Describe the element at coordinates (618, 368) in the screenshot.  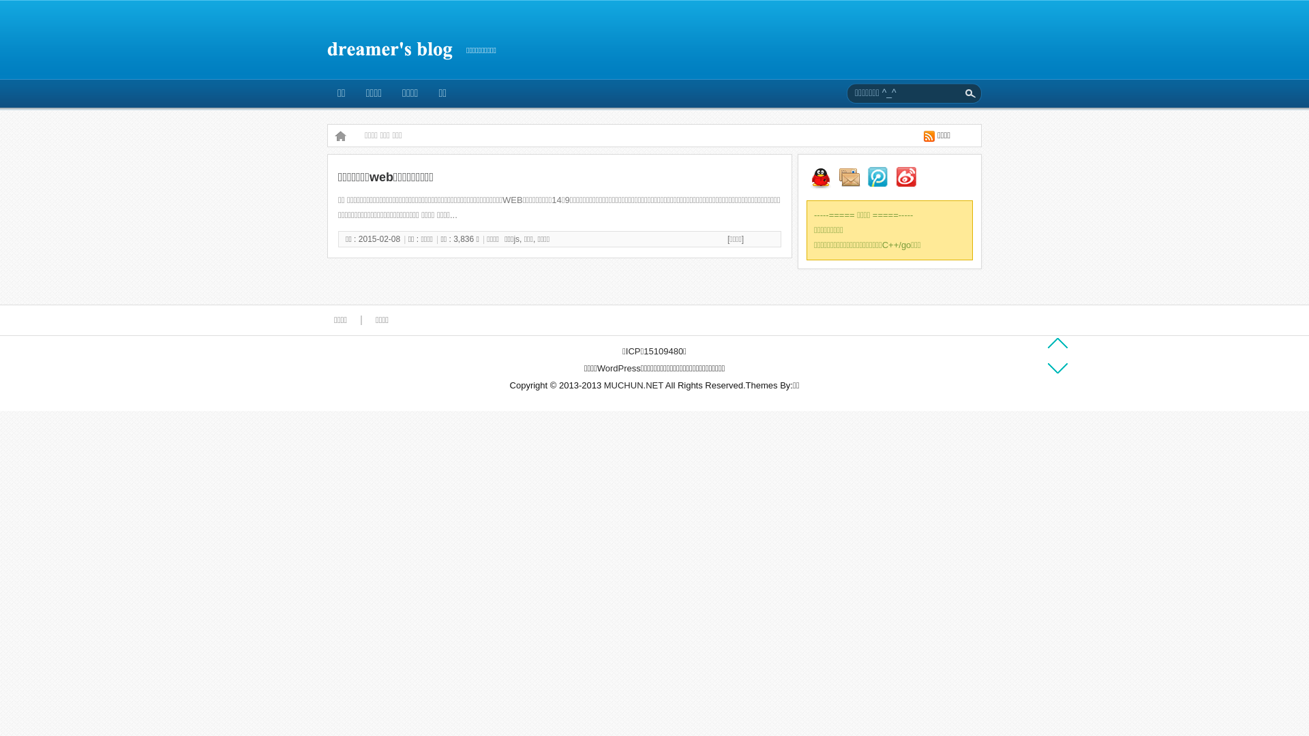
I see `'WordPress'` at that location.